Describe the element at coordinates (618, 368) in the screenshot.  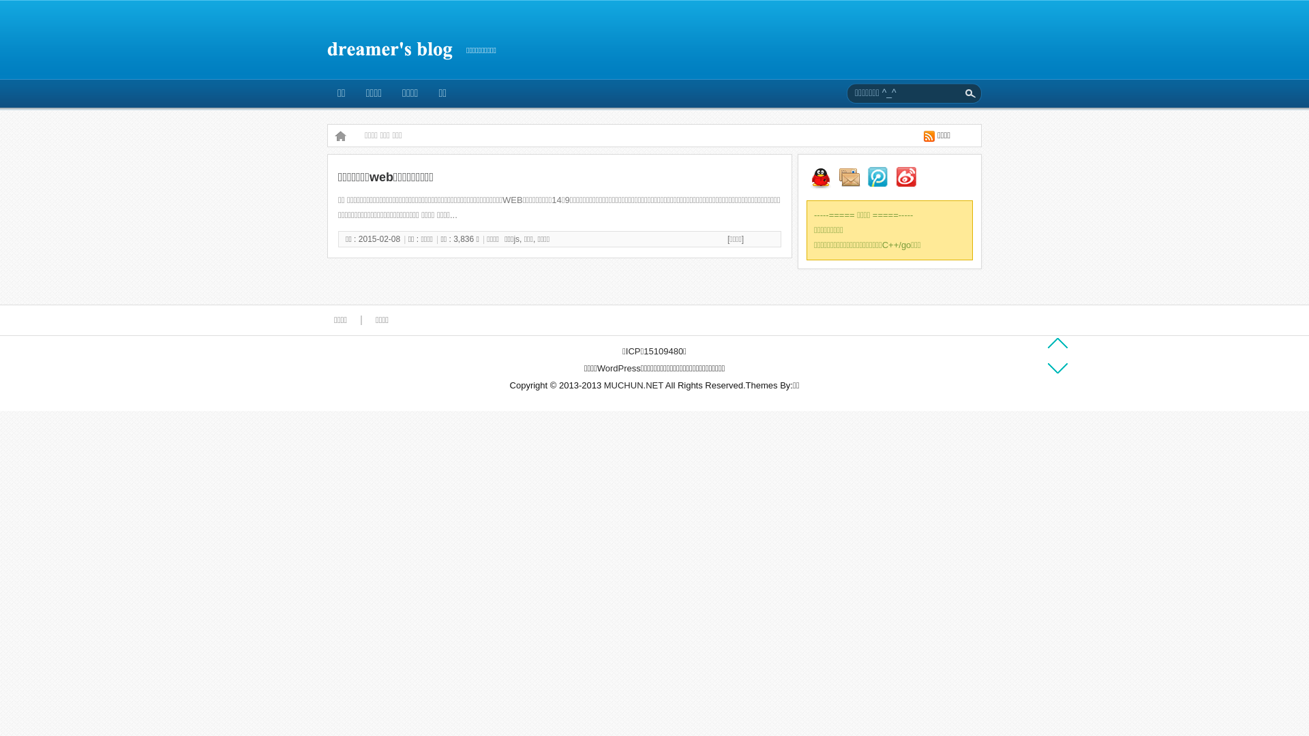
I see `'WordPress'` at that location.